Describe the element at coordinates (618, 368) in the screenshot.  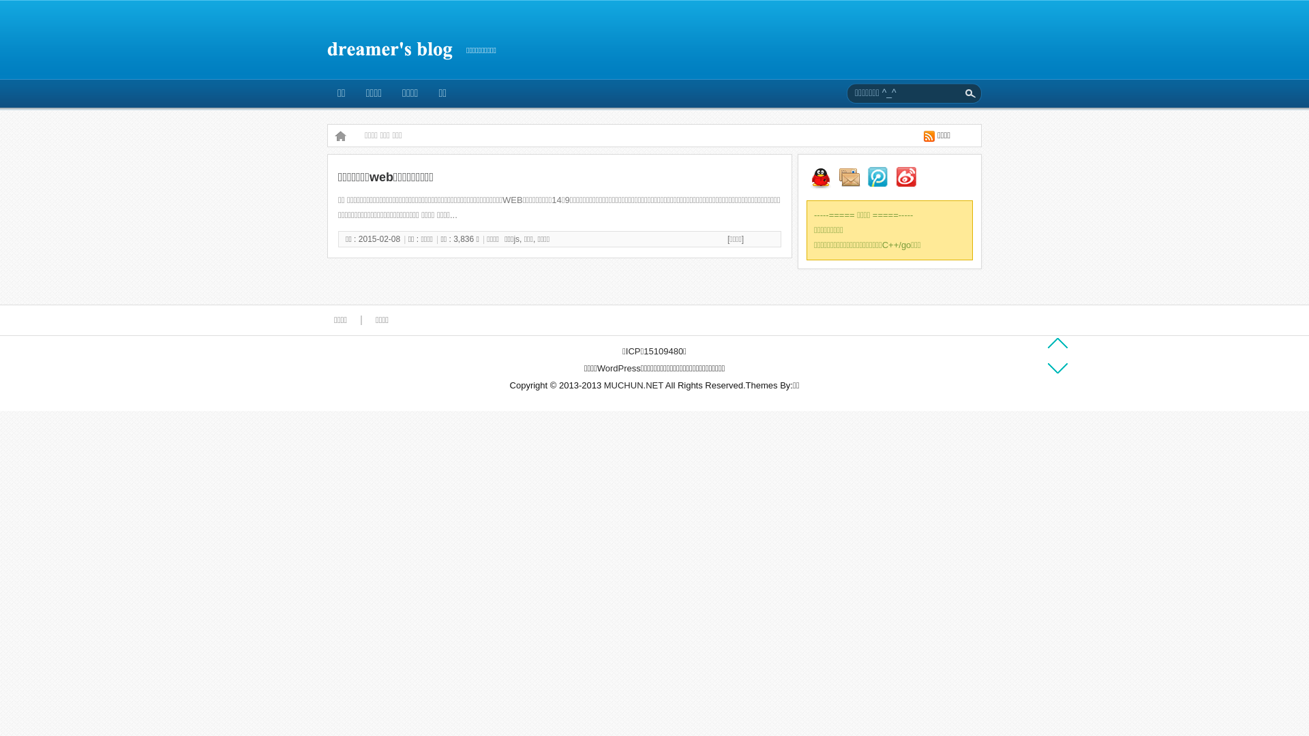
I see `'WordPress'` at that location.